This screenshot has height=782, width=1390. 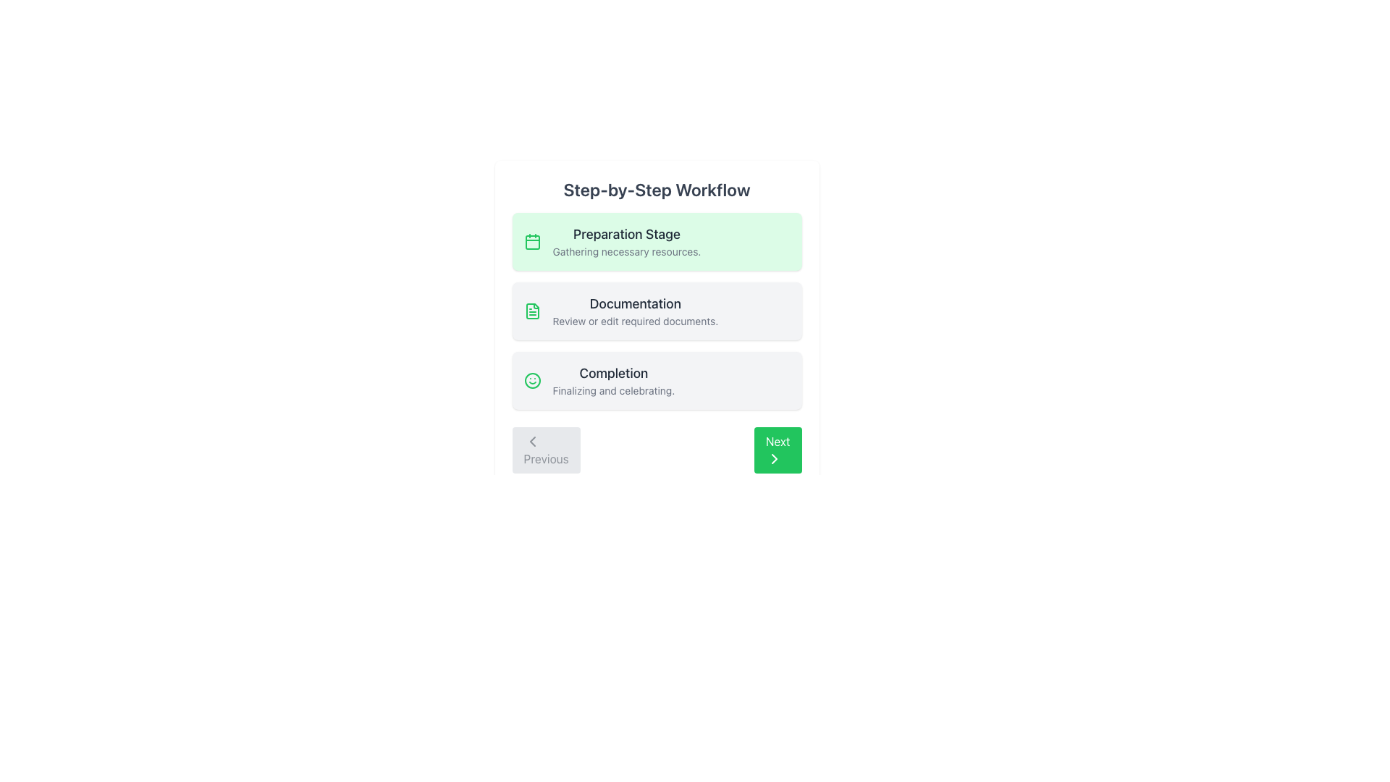 I want to click on the navigation icon located inside the green 'Next' button at the bottom-right corner of the interface to interact with the button functionality, so click(x=773, y=458).